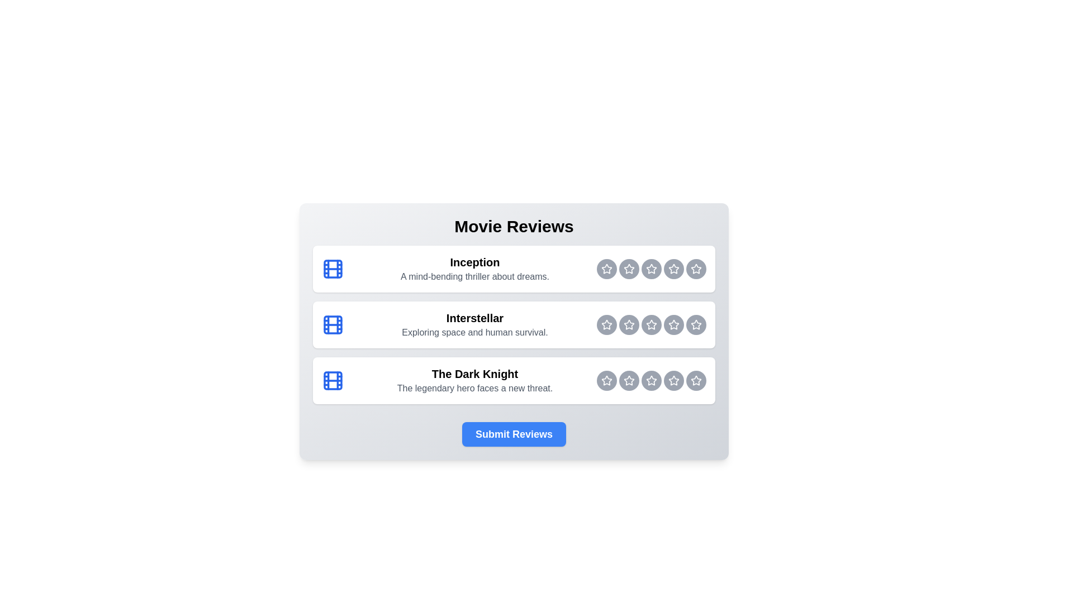 This screenshot has width=1073, height=603. Describe the element at coordinates (696, 269) in the screenshot. I see `the rating button for Inception at 5 stars` at that location.